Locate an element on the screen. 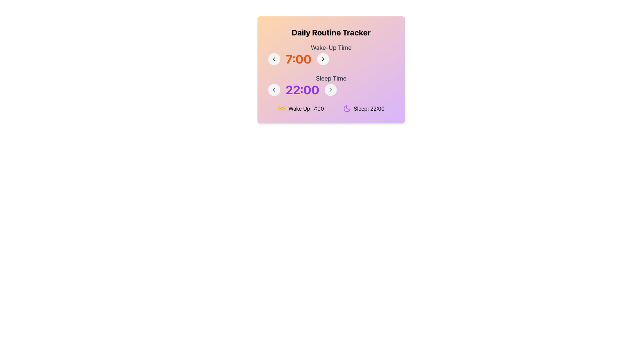 The height and width of the screenshot is (361, 642). the text label 'Wake-Up Time', which is styled in medium-sized gray font and located above the time selection interface is located at coordinates (331, 47).